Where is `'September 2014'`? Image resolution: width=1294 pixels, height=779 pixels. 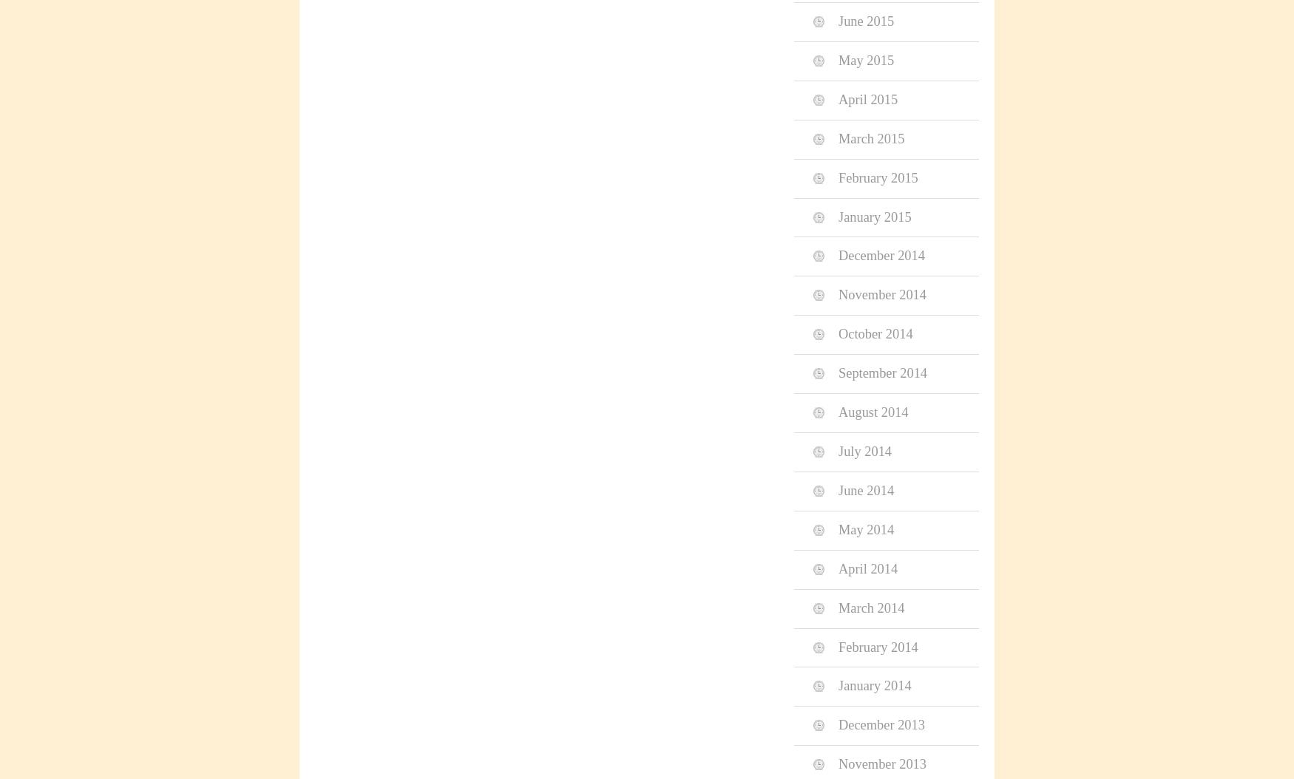
'September 2014' is located at coordinates (883, 372).